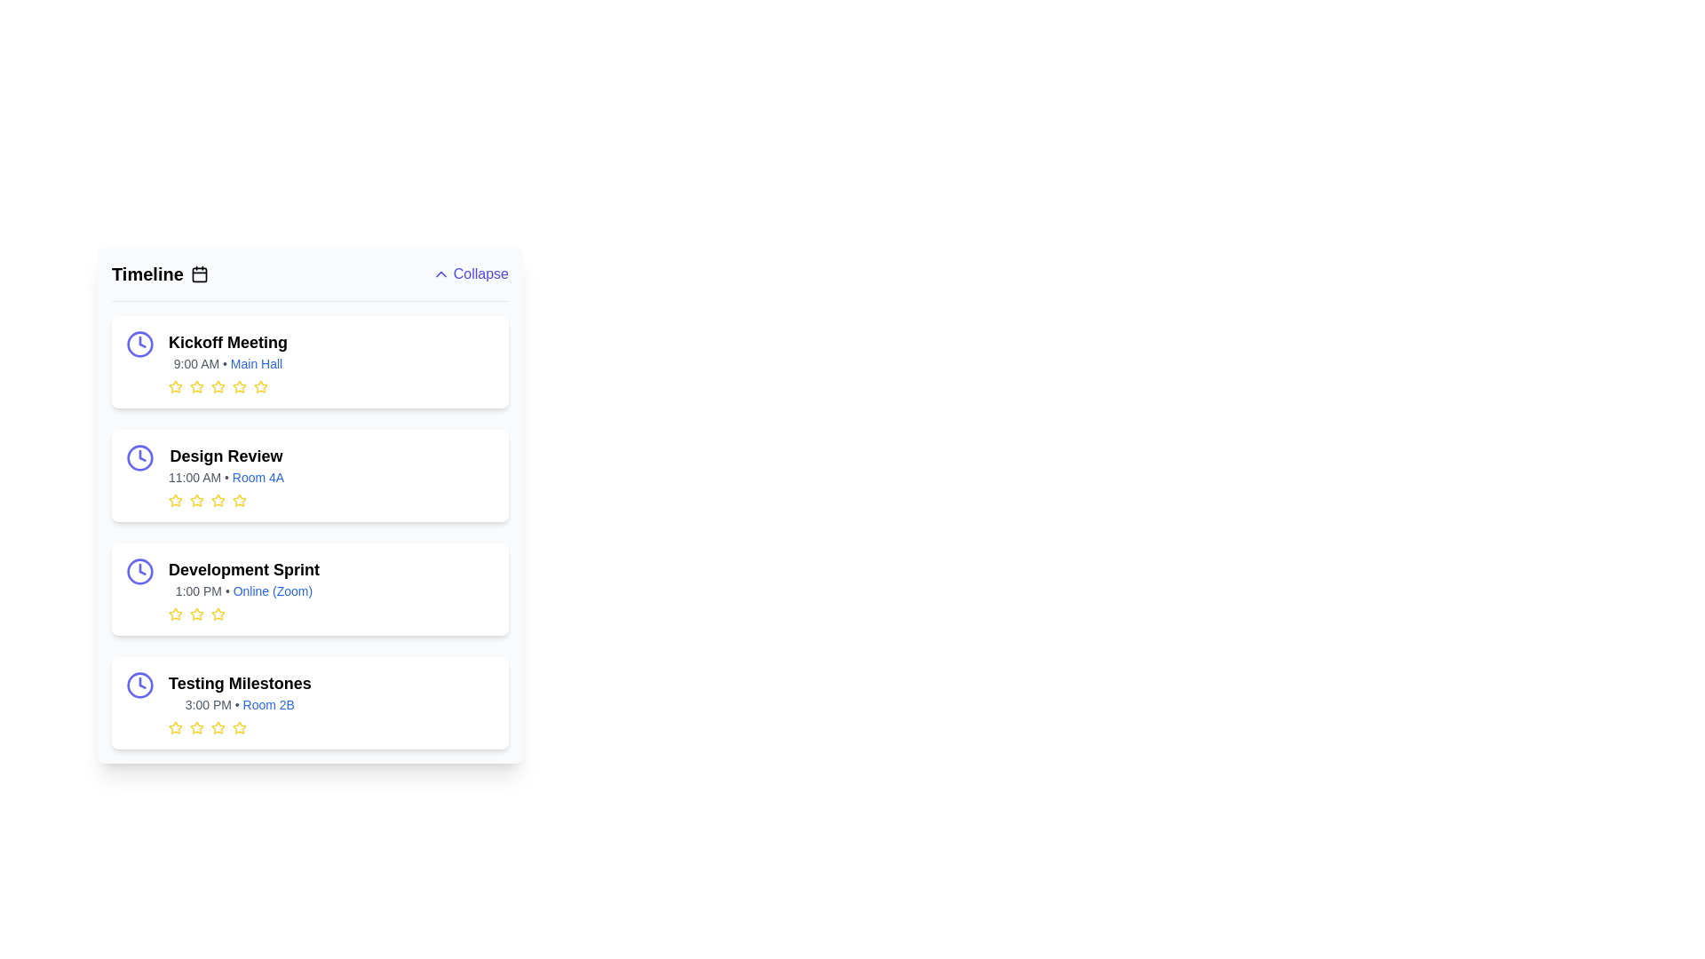  I want to click on the first star icon in the horizontal row of five stars located under the 'Kickoff Meeting' event details, which is part of the vertical timeline interface under the 'Timeline' header, so click(175, 385).